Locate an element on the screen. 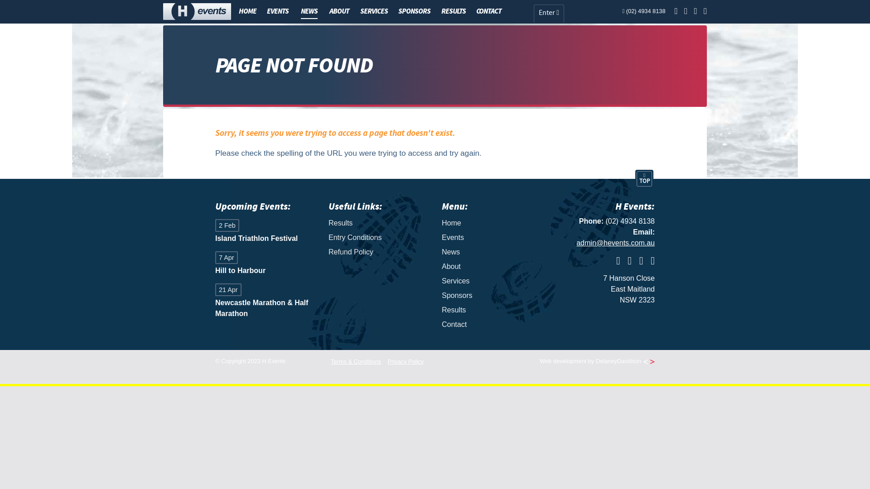  'Terms & Conditions' is located at coordinates (330, 361).